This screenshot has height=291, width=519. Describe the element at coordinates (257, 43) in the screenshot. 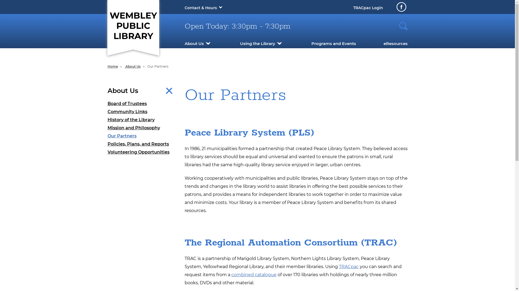

I see `'Using the Library'` at that location.